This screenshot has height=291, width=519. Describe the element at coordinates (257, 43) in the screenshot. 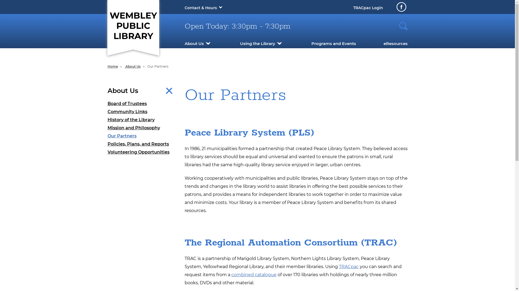

I see `'Using the Library'` at that location.